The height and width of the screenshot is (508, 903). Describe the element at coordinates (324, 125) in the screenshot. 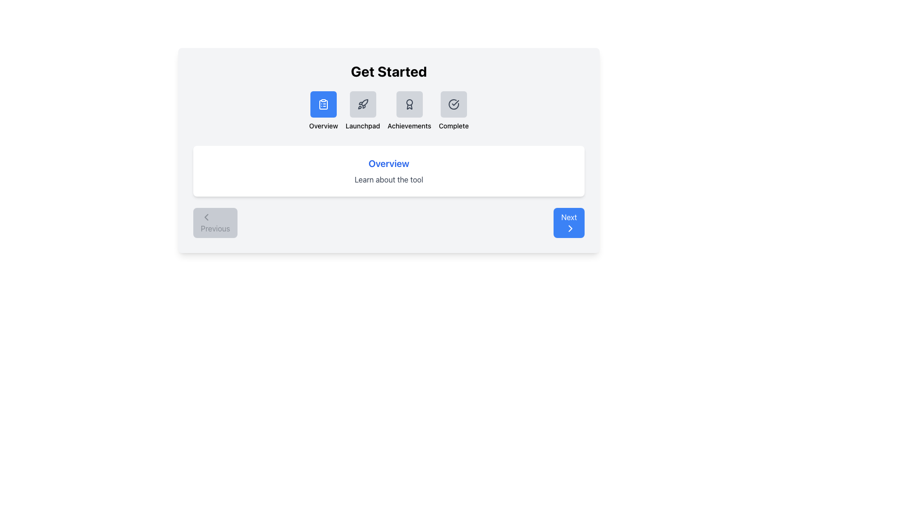

I see `the 'Overview' text label, which is centrally aligned beneath a clipboard icon` at that location.